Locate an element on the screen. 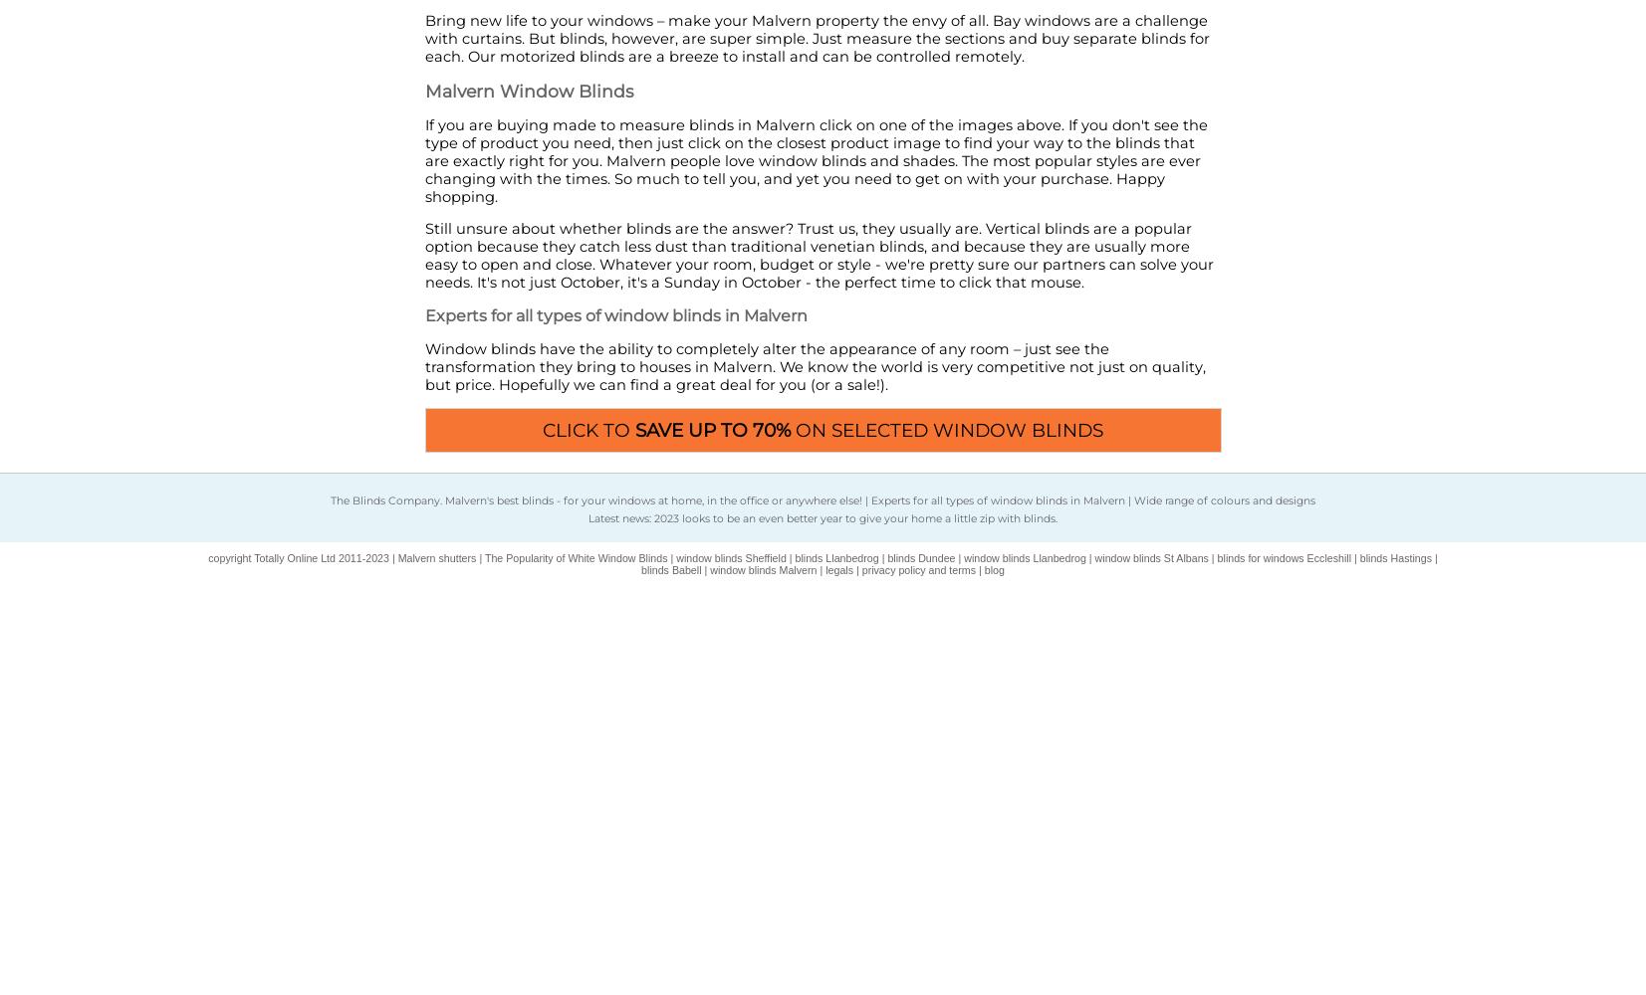  'window blinds Llanbedrog' is located at coordinates (963, 558).